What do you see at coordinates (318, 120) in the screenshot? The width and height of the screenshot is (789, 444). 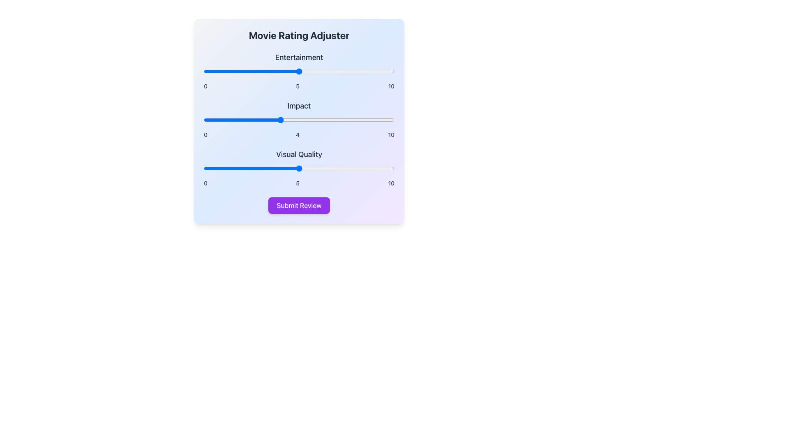 I see `the Impact slider value` at bounding box center [318, 120].